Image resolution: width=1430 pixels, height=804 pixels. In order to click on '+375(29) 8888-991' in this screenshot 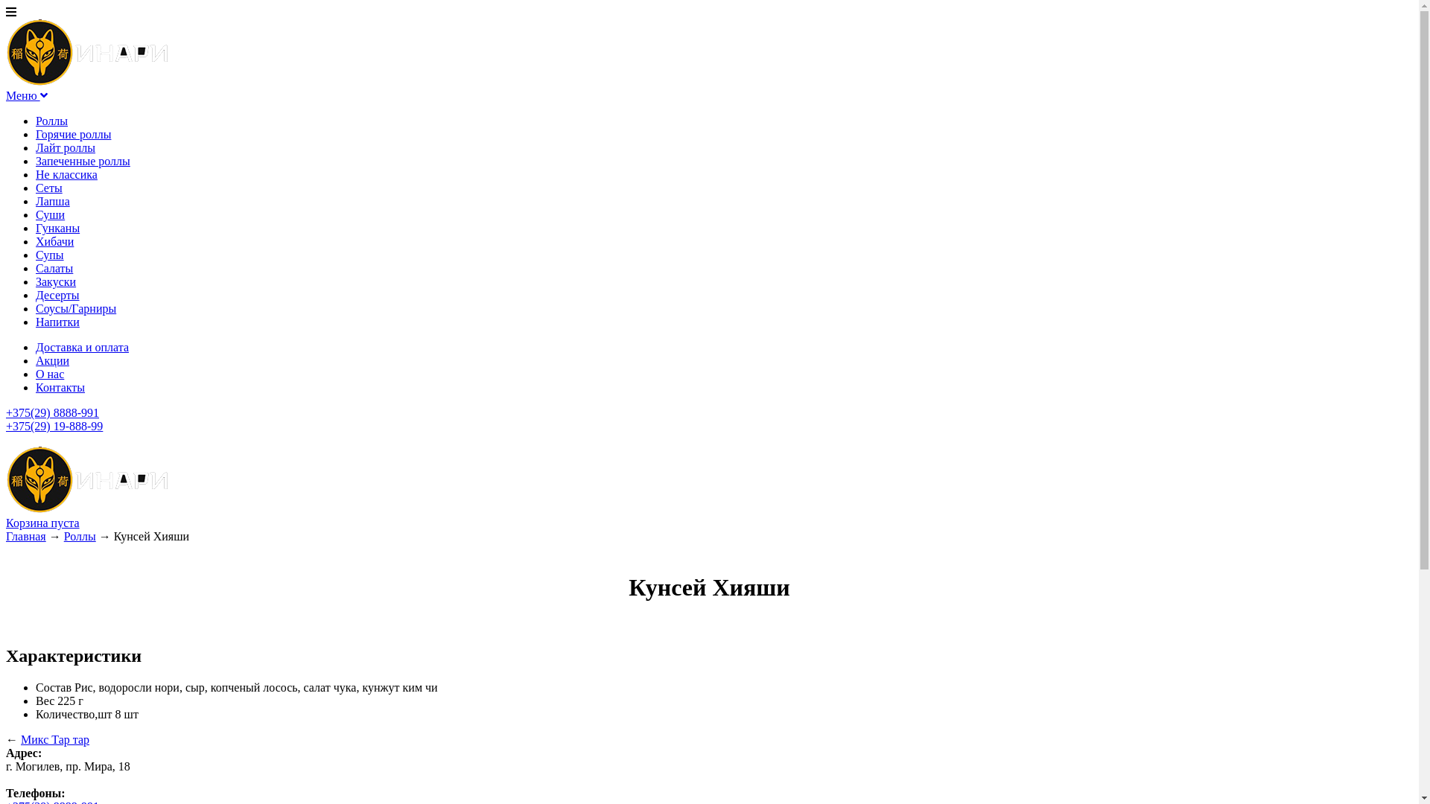, I will do `click(52, 412)`.